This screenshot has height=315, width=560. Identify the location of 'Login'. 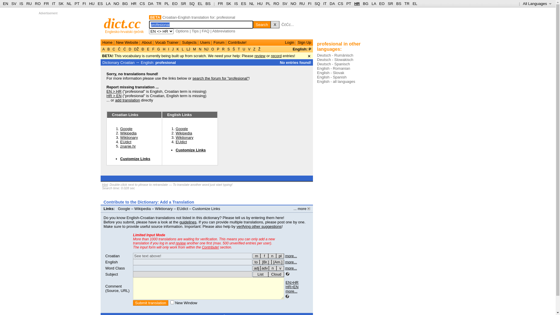
(290, 42).